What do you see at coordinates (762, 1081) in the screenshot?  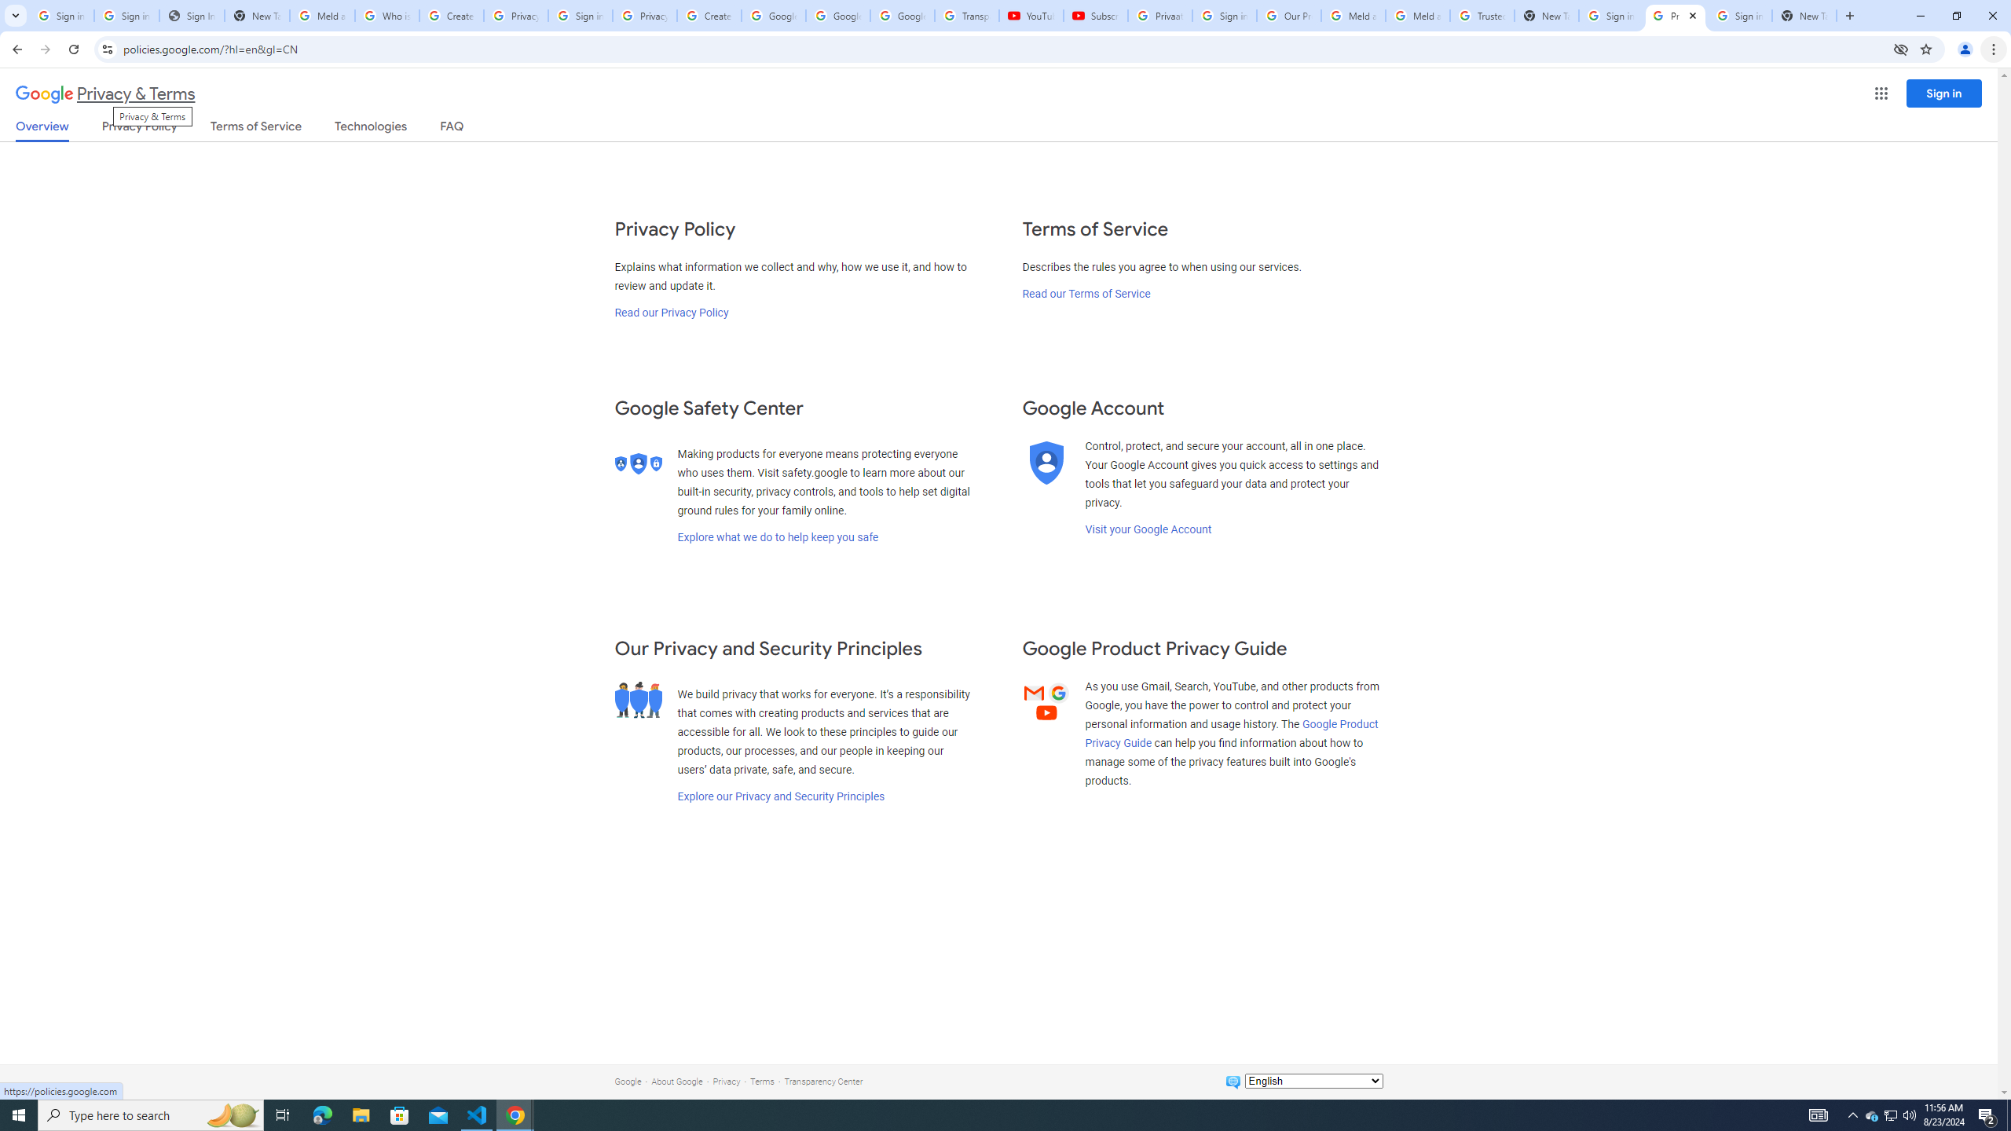 I see `'Terms'` at bounding box center [762, 1081].